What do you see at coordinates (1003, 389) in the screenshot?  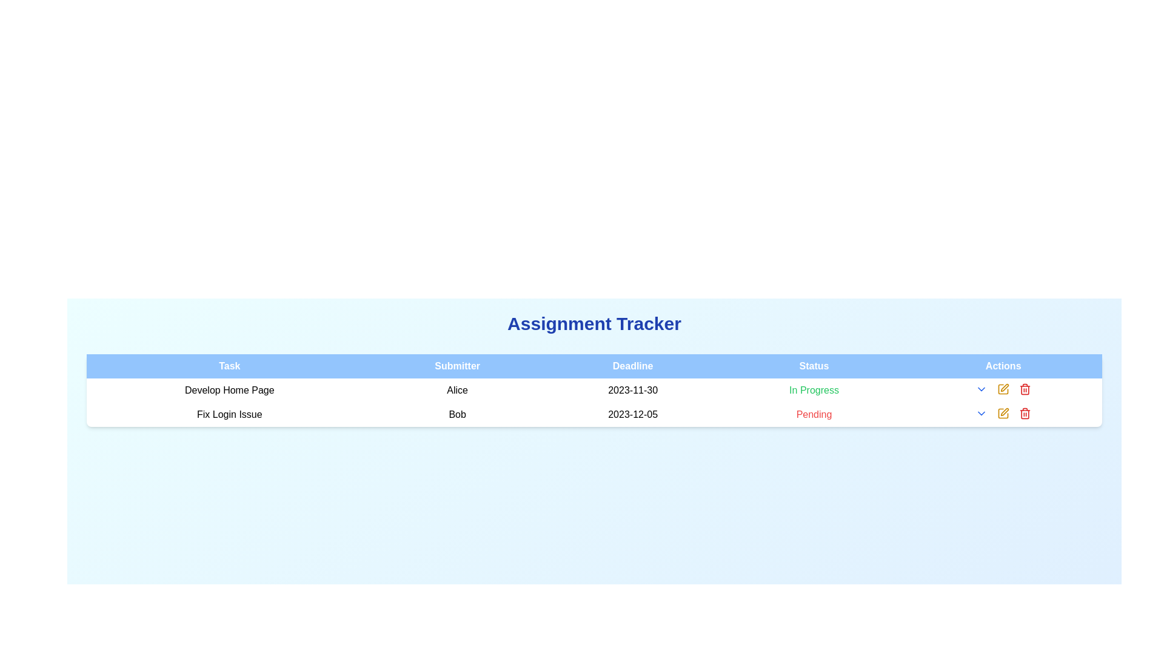 I see `the edit button, which is a rectangular-shaped icon with a stylized pen design located in the Actions column of the second row corresponding to the 'Fix Login Issue' task` at bounding box center [1003, 389].